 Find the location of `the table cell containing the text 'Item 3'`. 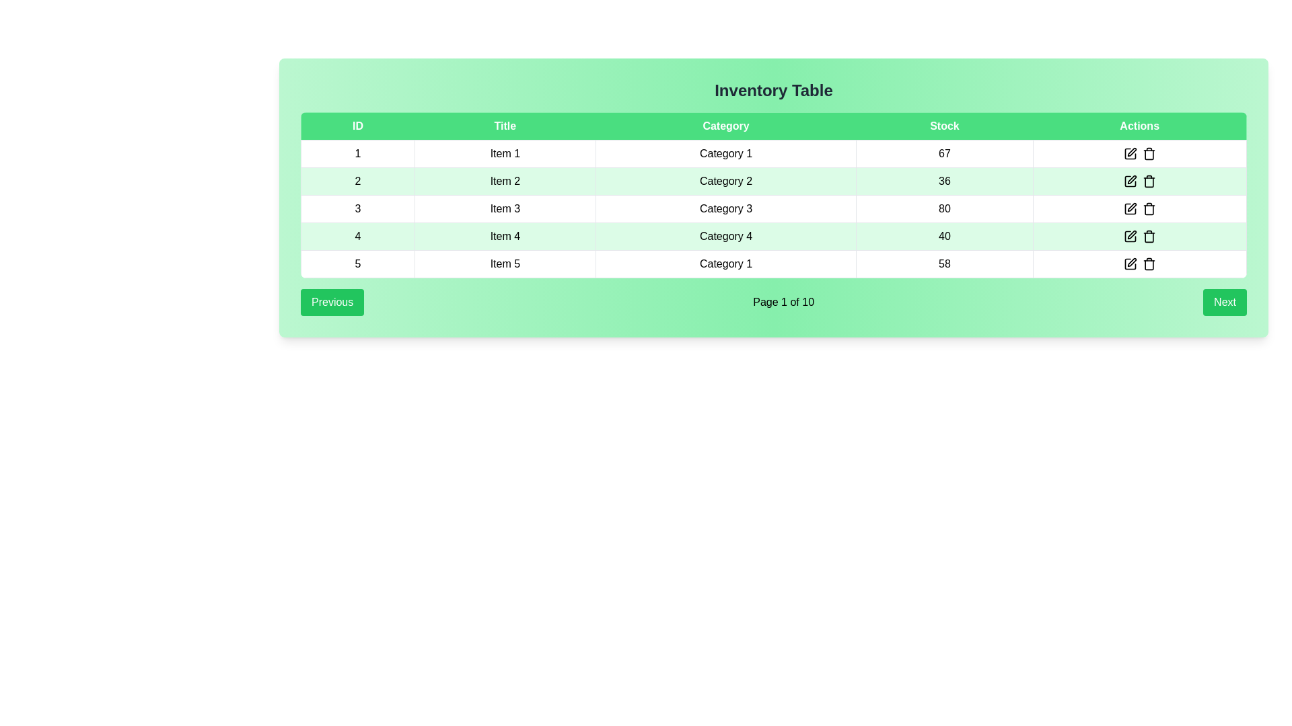

the table cell containing the text 'Item 3' is located at coordinates (504, 209).